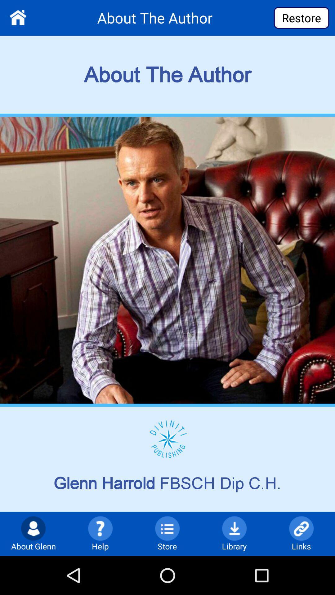  What do you see at coordinates (301, 528) in the screenshot?
I see `link icon at the bottom of the page` at bounding box center [301, 528].